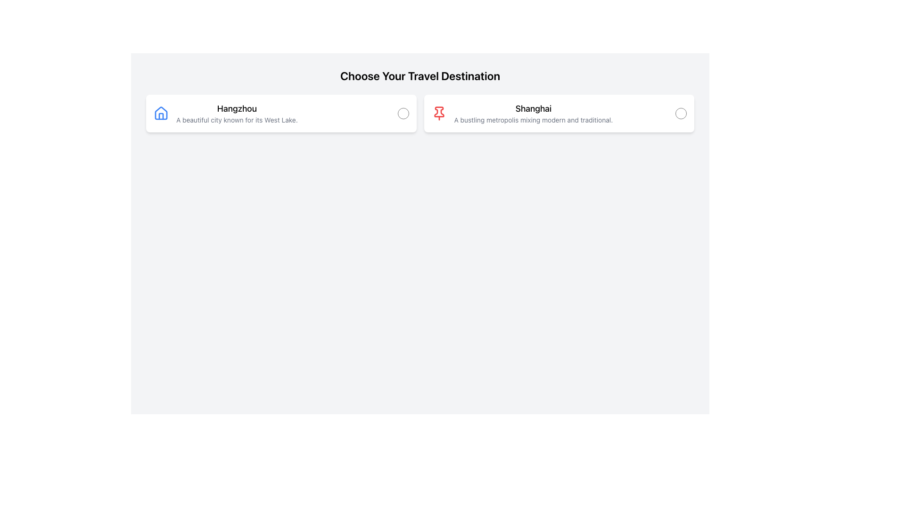 Image resolution: width=905 pixels, height=509 pixels. I want to click on the text display element that describes the 'Shanghai' travel destination, located in the second option card to the right of the 'Hangzhou' option, so click(533, 113).